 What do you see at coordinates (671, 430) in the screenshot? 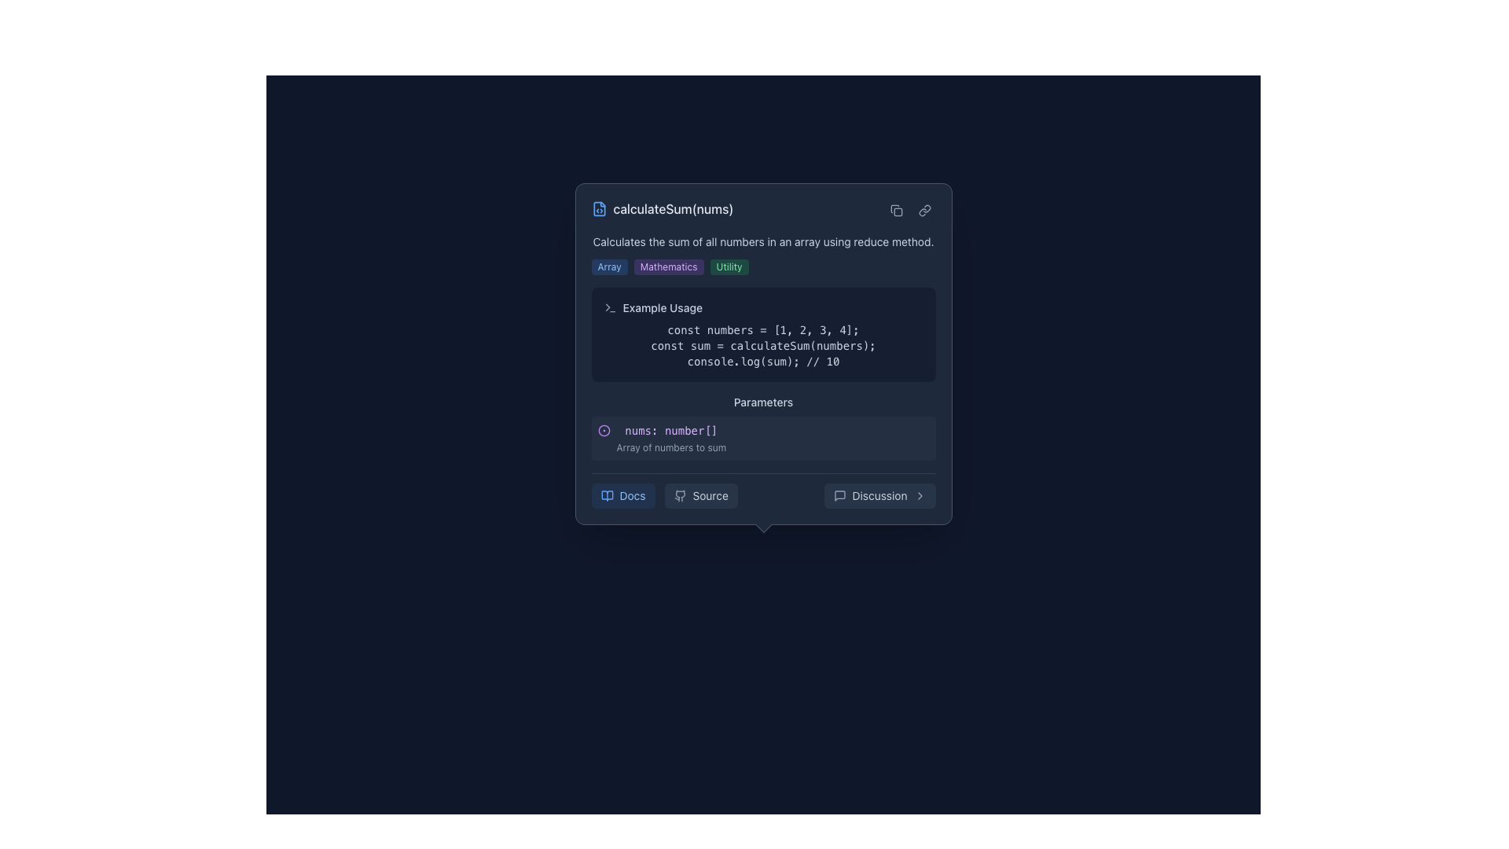
I see `the static text element displaying 'nums: number[]' in purple, which is located in the 'Parameters' section above the text 'Array of numbers to sum'` at bounding box center [671, 430].